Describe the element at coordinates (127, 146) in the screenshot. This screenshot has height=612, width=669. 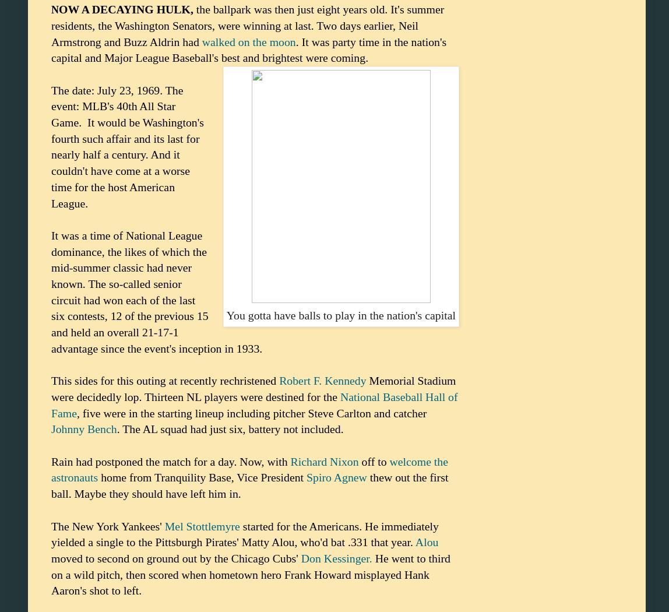
I see `'The date: July 23, 1969. The event: MLB's 40th All Star Game.  It would be Washington's fourth such affair and its last for nearly half a century. And it couldn't have come at a worse time for the host American League.'` at that location.